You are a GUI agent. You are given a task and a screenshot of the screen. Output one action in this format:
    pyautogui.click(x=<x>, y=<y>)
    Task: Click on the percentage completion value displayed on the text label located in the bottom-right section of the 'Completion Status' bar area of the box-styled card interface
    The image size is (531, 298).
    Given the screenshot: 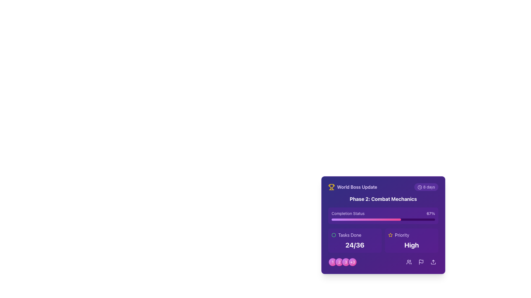 What is the action you would take?
    pyautogui.click(x=430, y=213)
    